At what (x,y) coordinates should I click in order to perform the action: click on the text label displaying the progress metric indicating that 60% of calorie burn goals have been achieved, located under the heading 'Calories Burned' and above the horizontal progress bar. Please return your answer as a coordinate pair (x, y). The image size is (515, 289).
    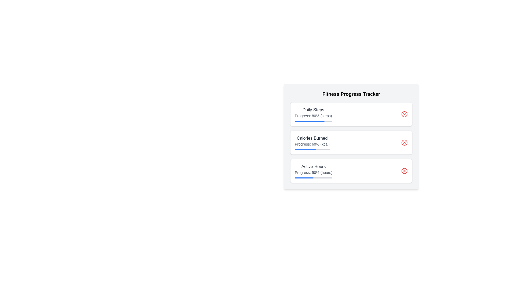
    Looking at the image, I should click on (312, 144).